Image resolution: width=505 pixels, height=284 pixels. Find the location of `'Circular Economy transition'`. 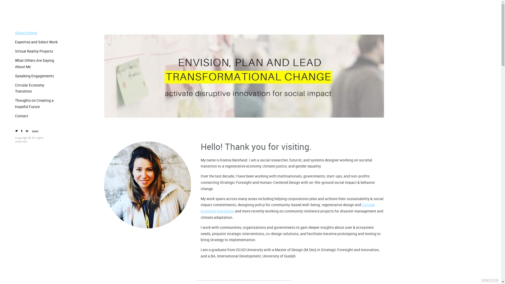

'Circular Economy transition' is located at coordinates (287, 208).